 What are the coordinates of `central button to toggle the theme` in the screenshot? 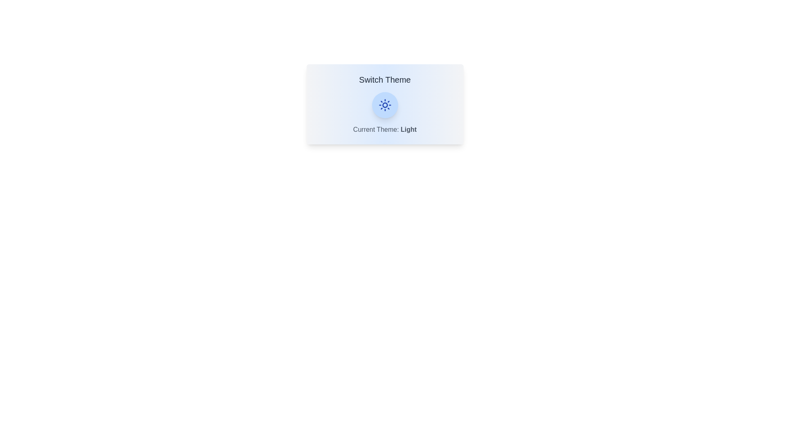 It's located at (384, 105).